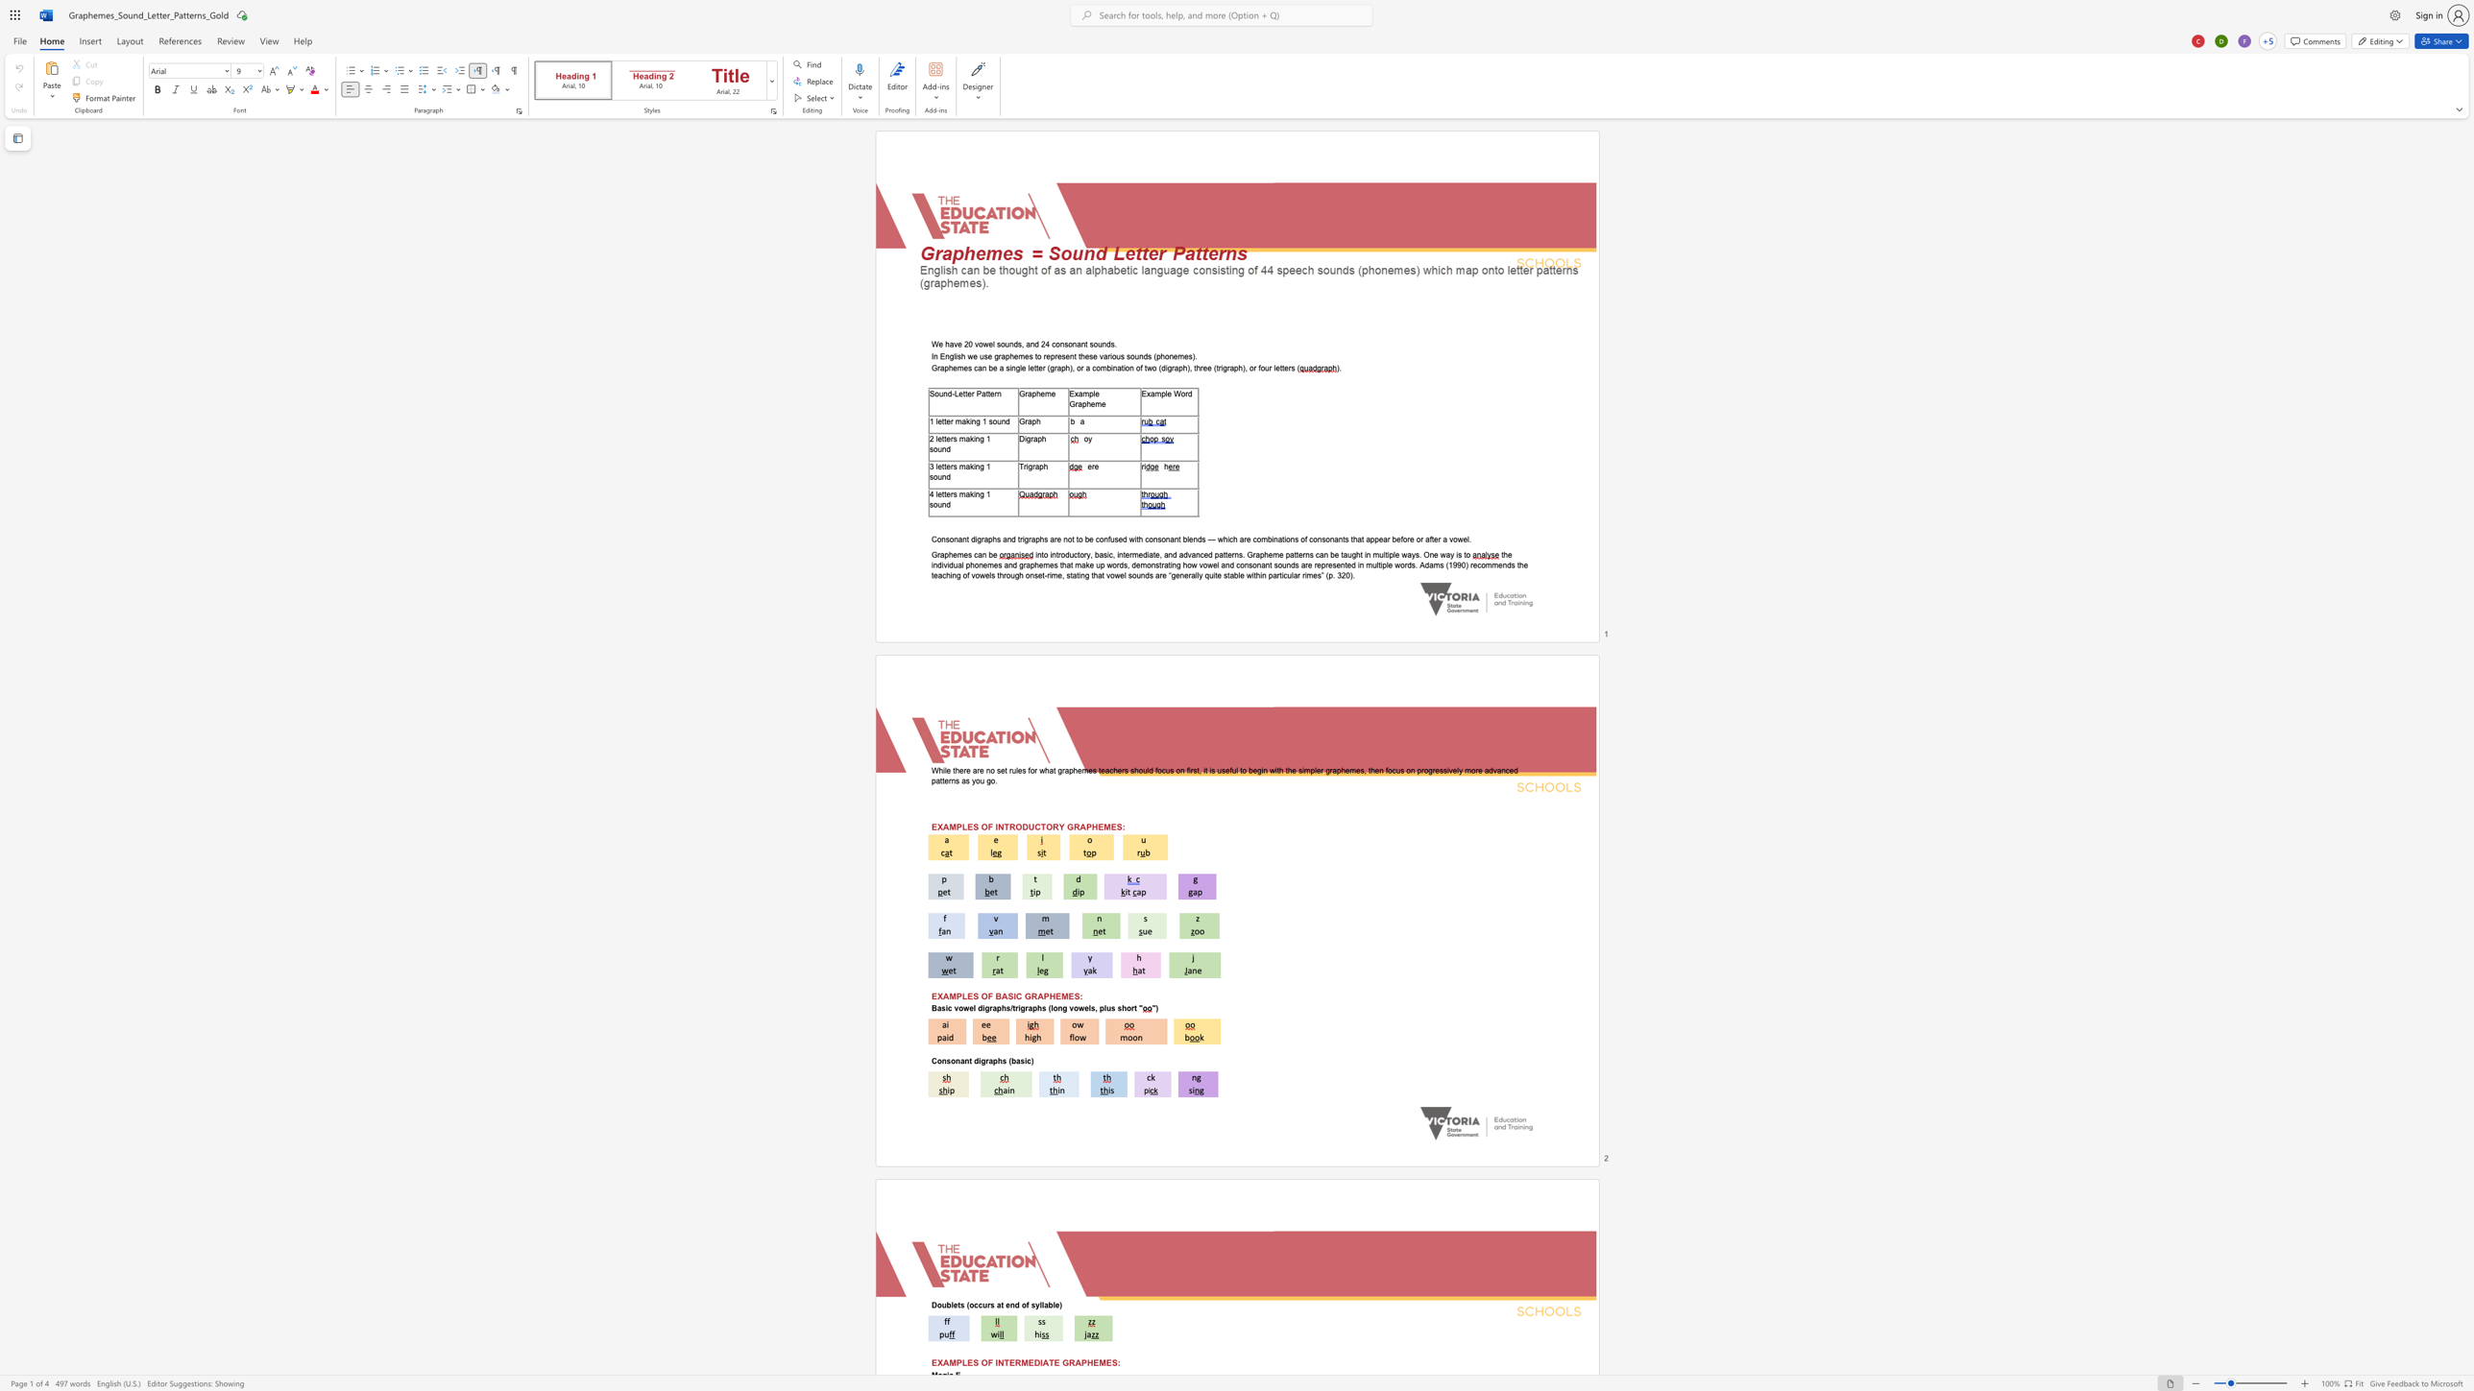 The height and width of the screenshot is (1391, 2474). Describe the element at coordinates (1170, 367) in the screenshot. I see `the 3th character "g" in the text` at that location.